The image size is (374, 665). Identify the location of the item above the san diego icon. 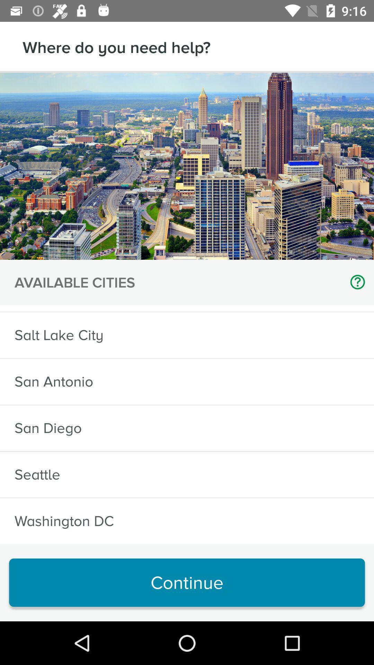
(53, 381).